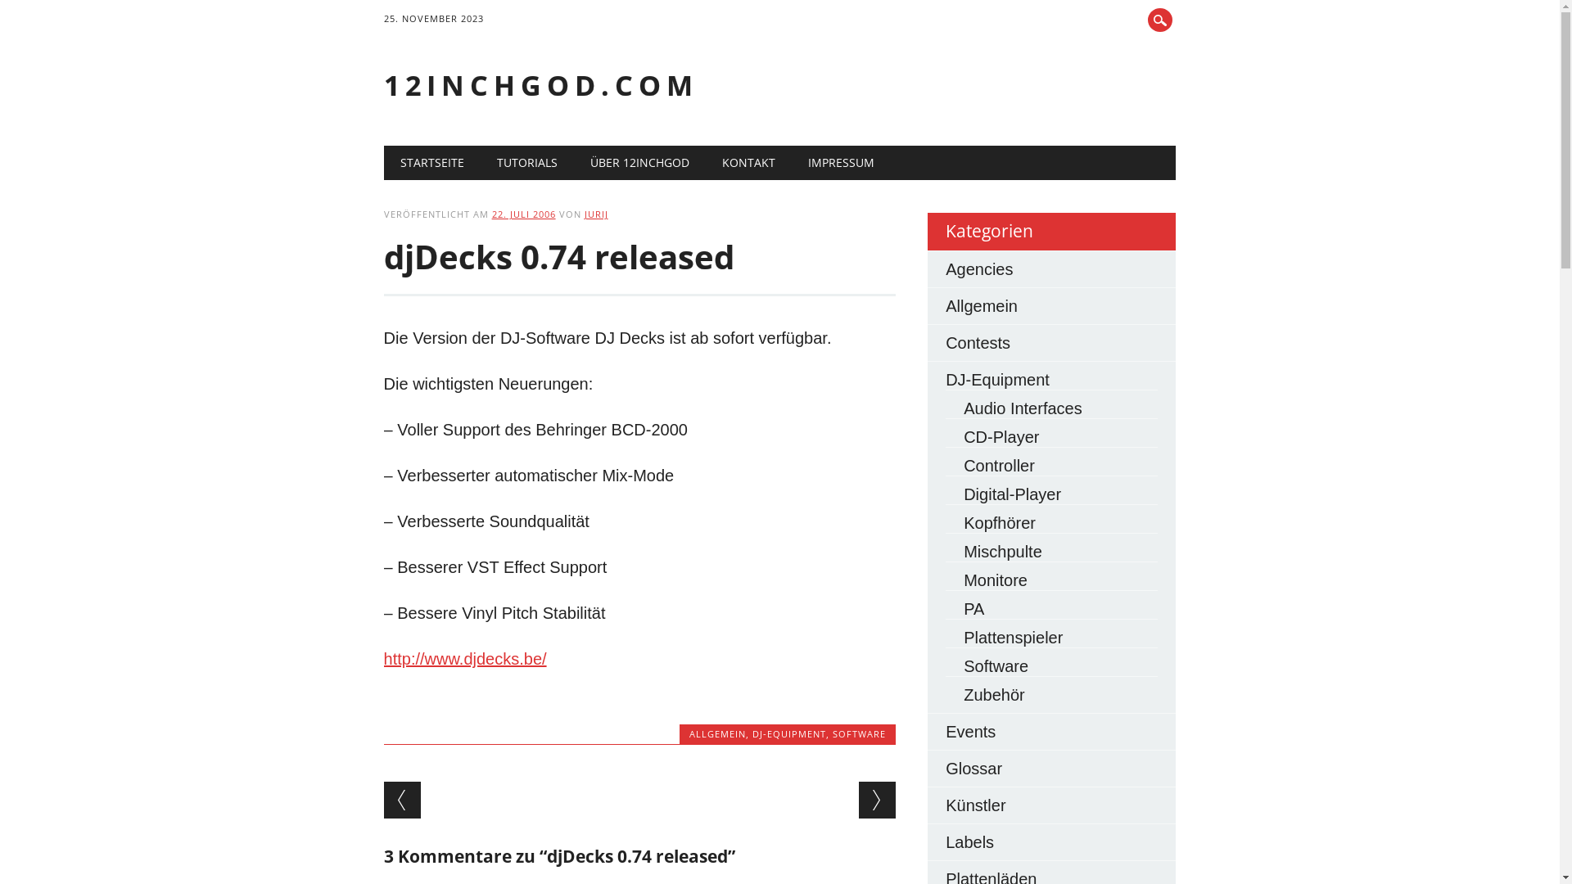  What do you see at coordinates (982, 306) in the screenshot?
I see `'Allgemein'` at bounding box center [982, 306].